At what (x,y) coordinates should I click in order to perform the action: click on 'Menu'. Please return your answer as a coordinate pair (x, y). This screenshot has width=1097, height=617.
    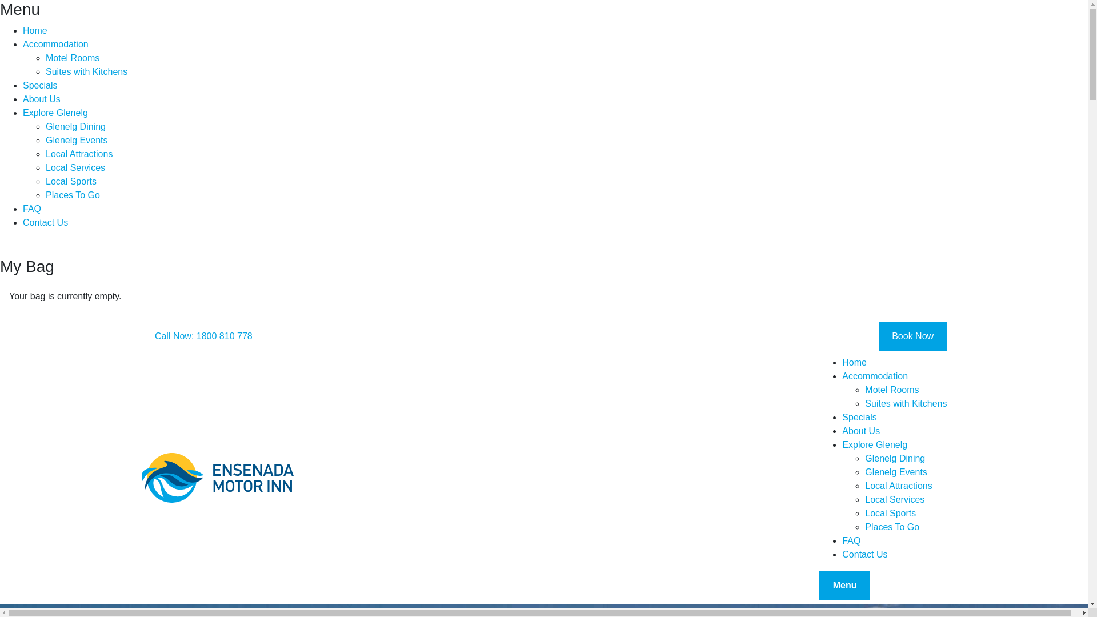
    Looking at the image, I should click on (844, 586).